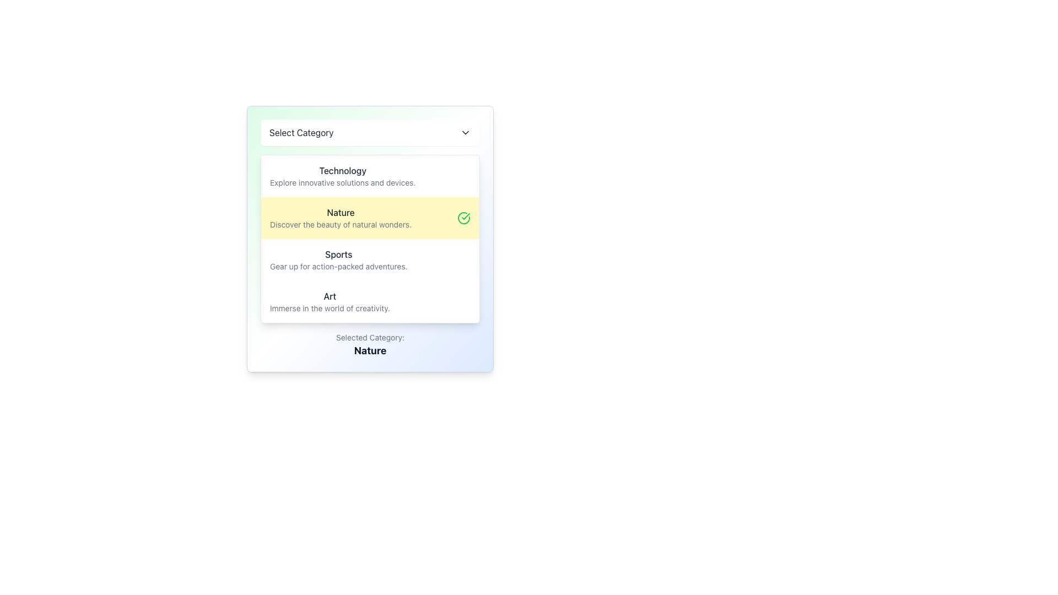  I want to click on the 'Sports' option in the dropdown menu, so click(338, 259).